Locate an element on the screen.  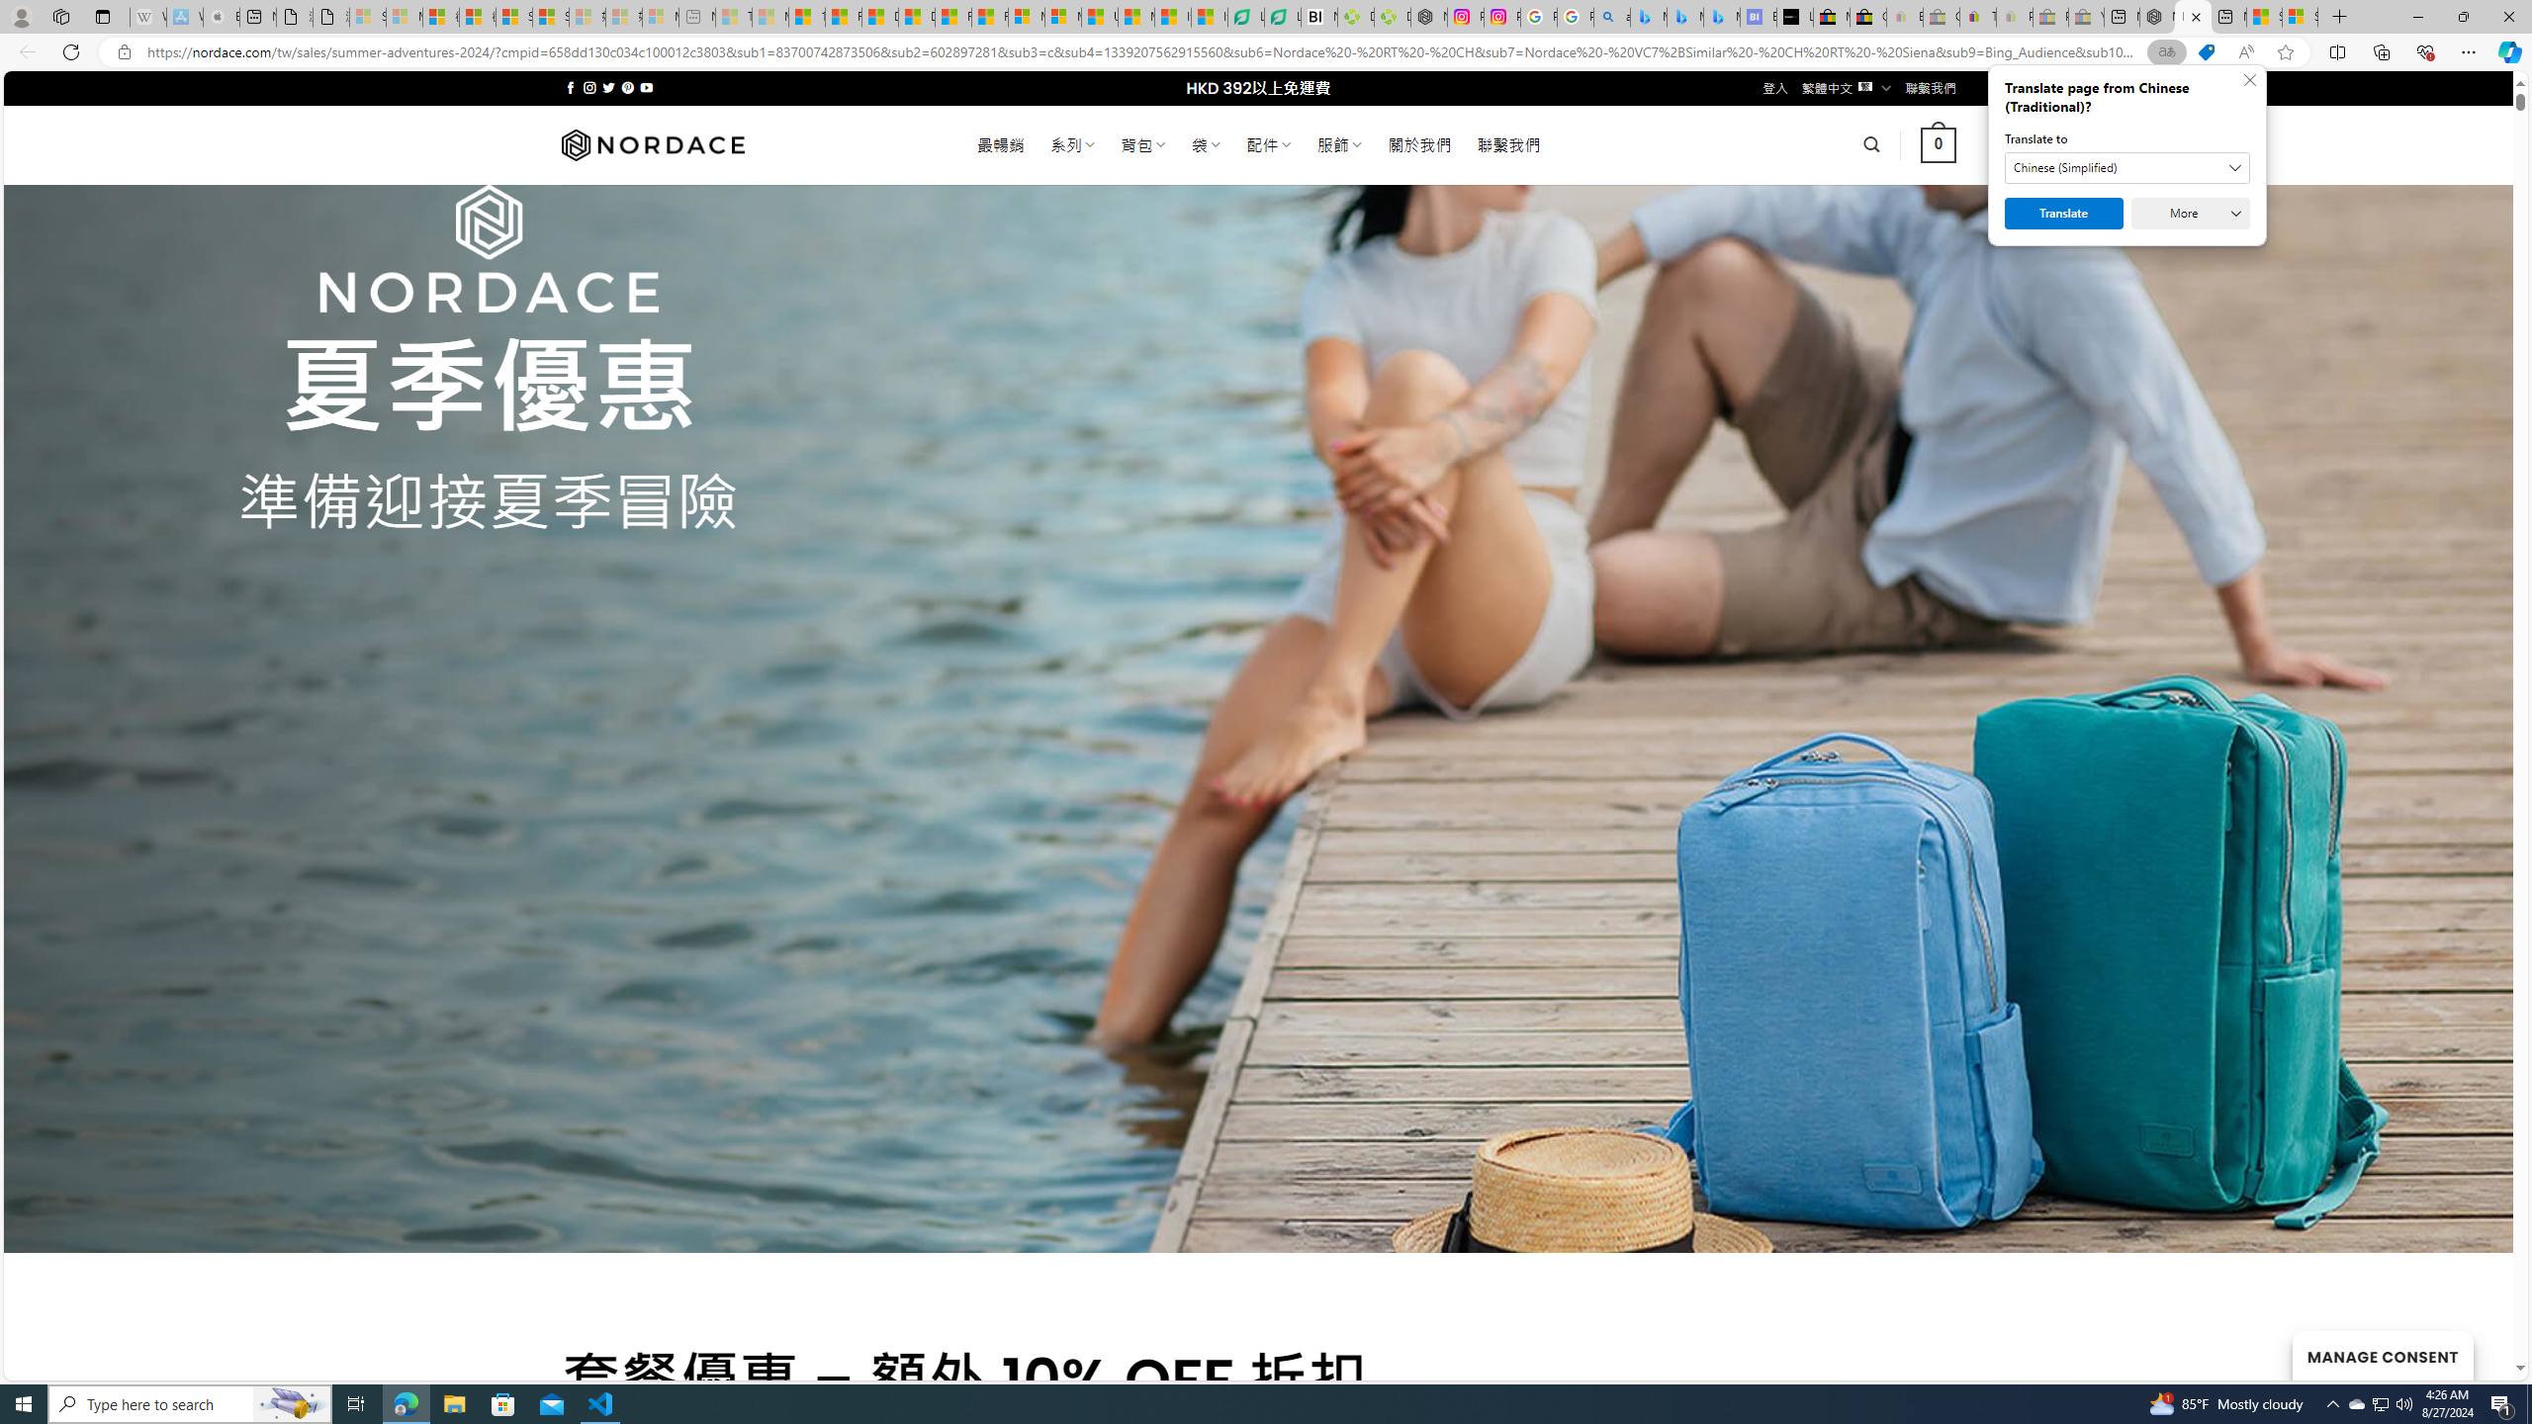
'Yard, Garden & Outdoor Living - Sleeping' is located at coordinates (2085, 16).